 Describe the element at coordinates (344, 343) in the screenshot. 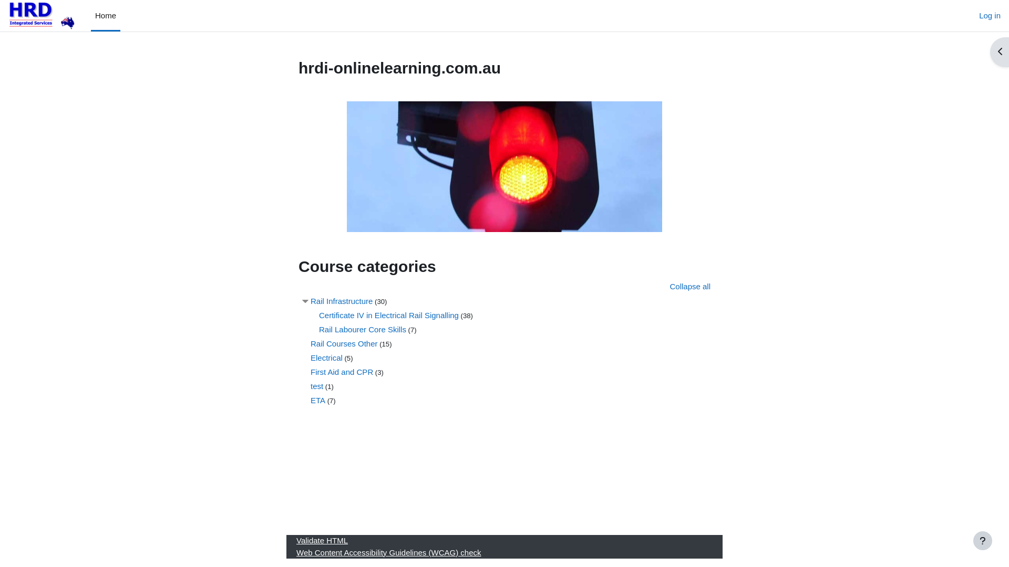

I see `'Rail Courses Other'` at that location.